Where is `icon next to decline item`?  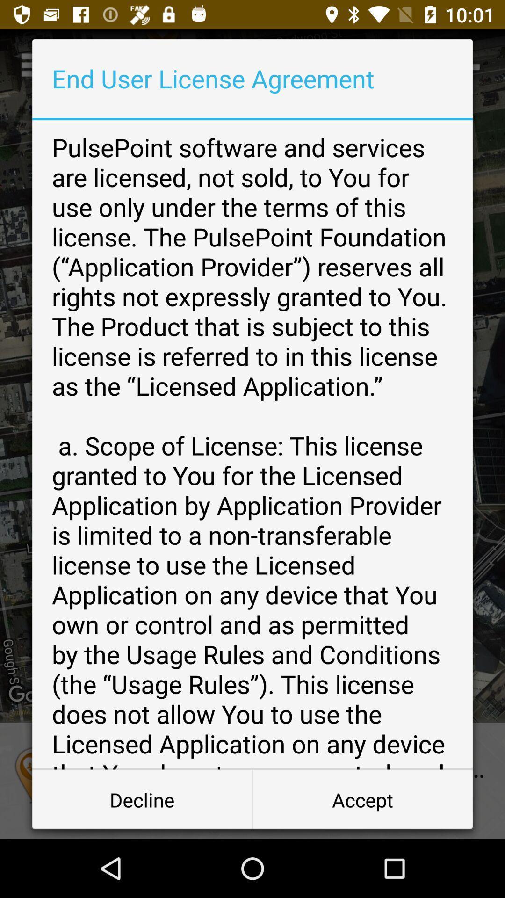
icon next to decline item is located at coordinates (362, 799).